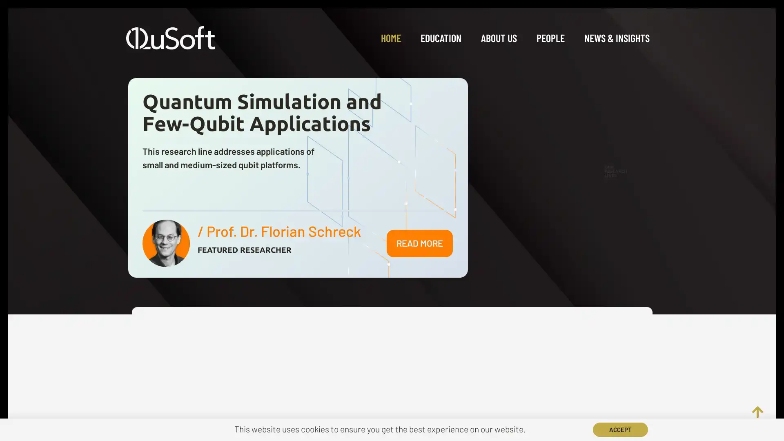 The width and height of the screenshot is (784, 441). What do you see at coordinates (419, 243) in the screenshot?
I see `READ MORE` at bounding box center [419, 243].